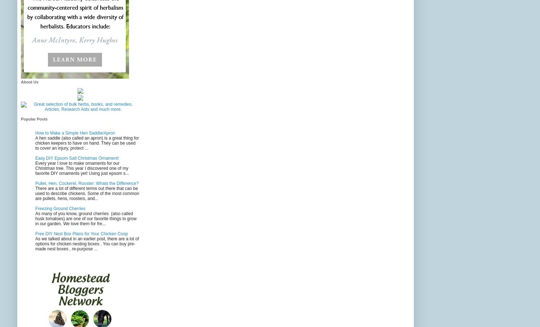  I want to click on 'About Us', so click(29, 81).